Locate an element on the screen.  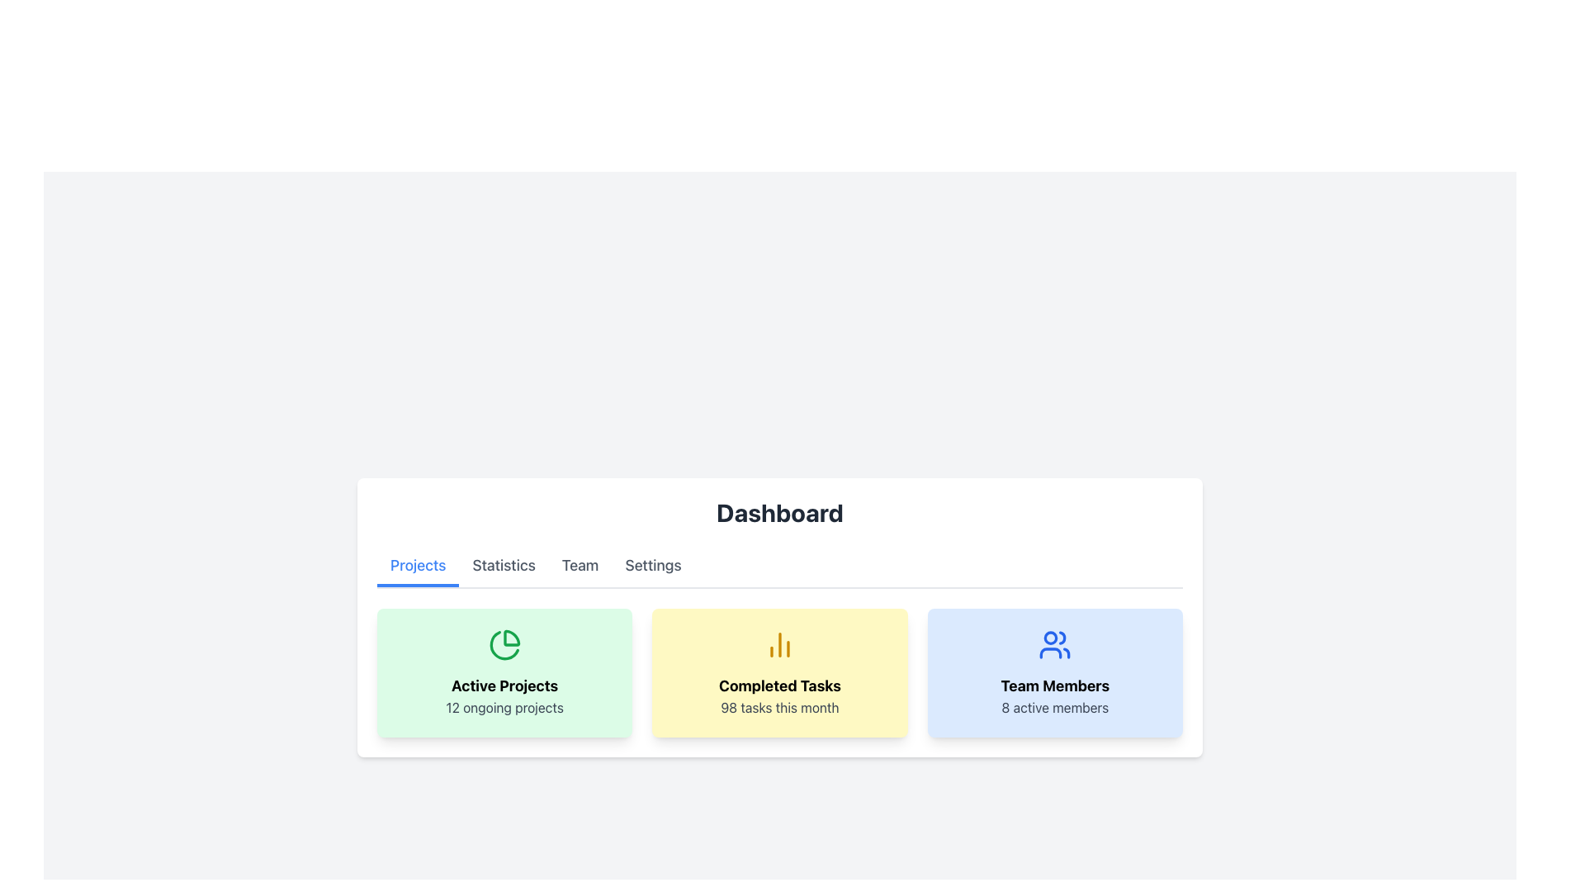
the fourth navigation tab, which is positioned to the right of the 'Team' tab and redirects to the settings section is located at coordinates (652, 566).